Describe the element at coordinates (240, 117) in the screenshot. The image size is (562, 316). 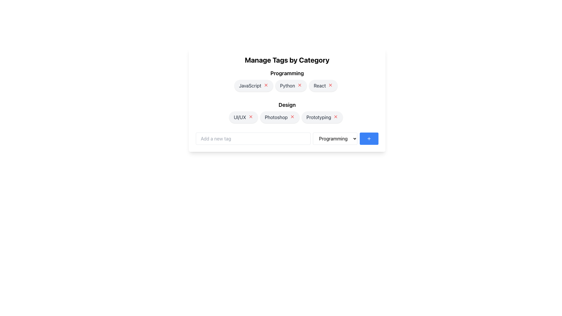
I see `the text label displaying 'UI/UX' within the 'Design' category section, styled in dark text on a light background, and positioned as the first tag item to the left of 'Photoshop' and 'Prototyping'` at that location.